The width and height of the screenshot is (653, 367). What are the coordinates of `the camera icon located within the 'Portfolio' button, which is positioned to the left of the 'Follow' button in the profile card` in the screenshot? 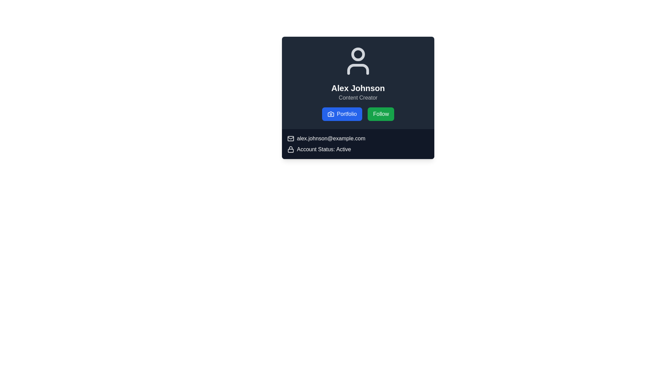 It's located at (331, 113).